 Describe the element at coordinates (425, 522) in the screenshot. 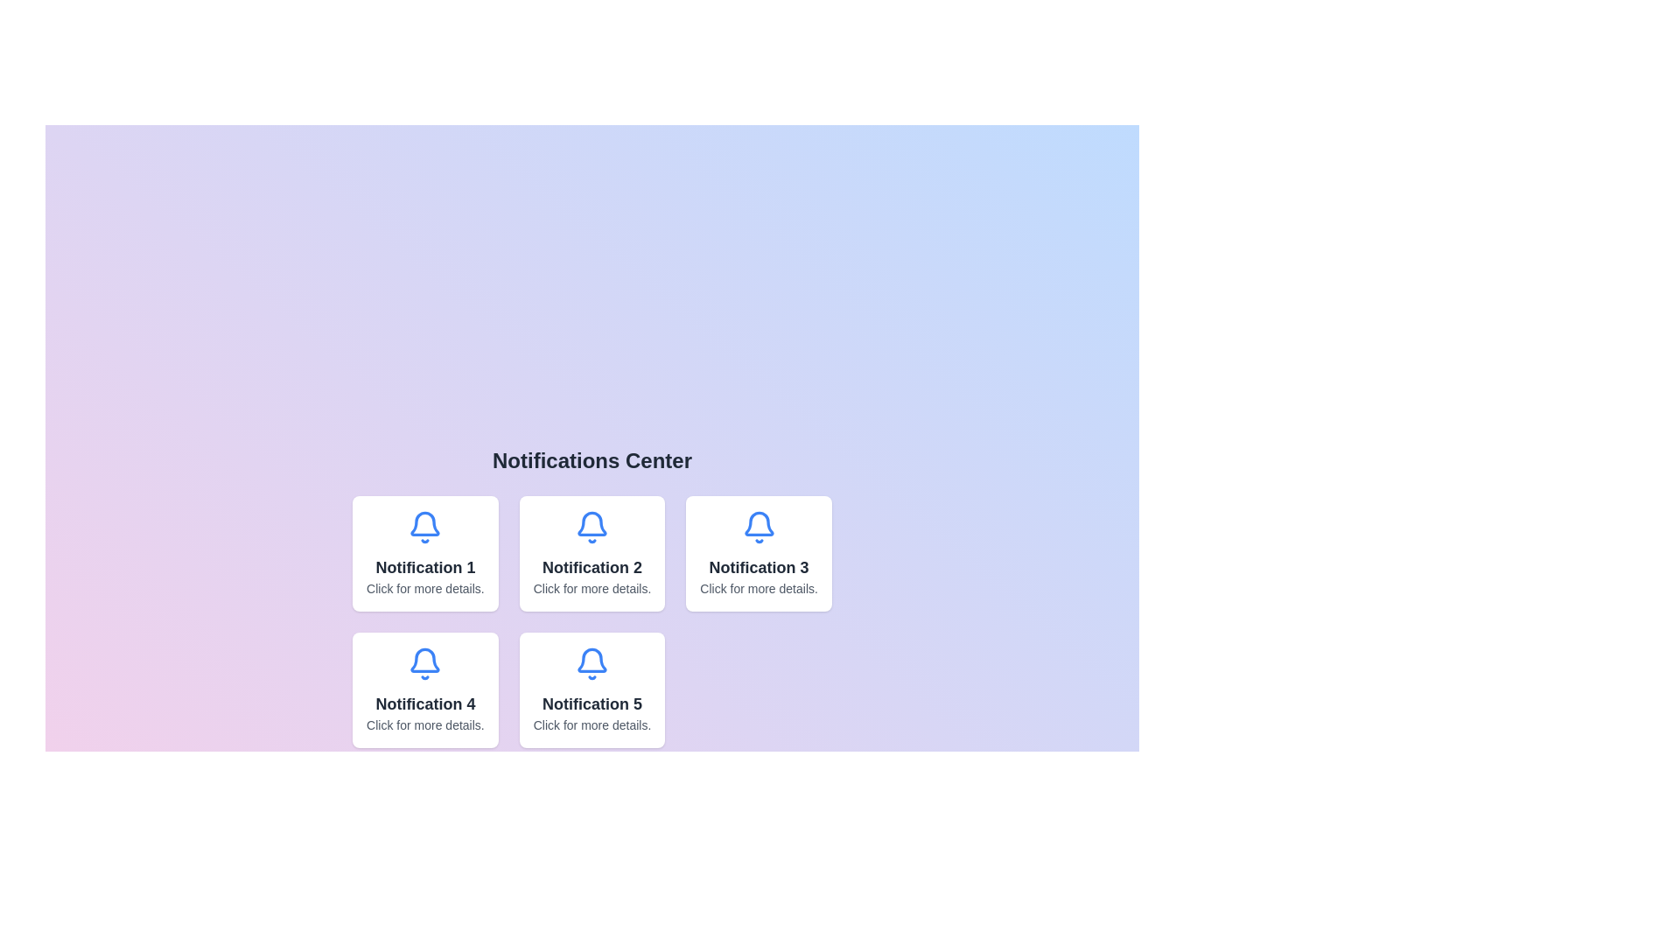

I see `the hollow bell icon in the first notification card under the 'Notifications Center' heading` at that location.